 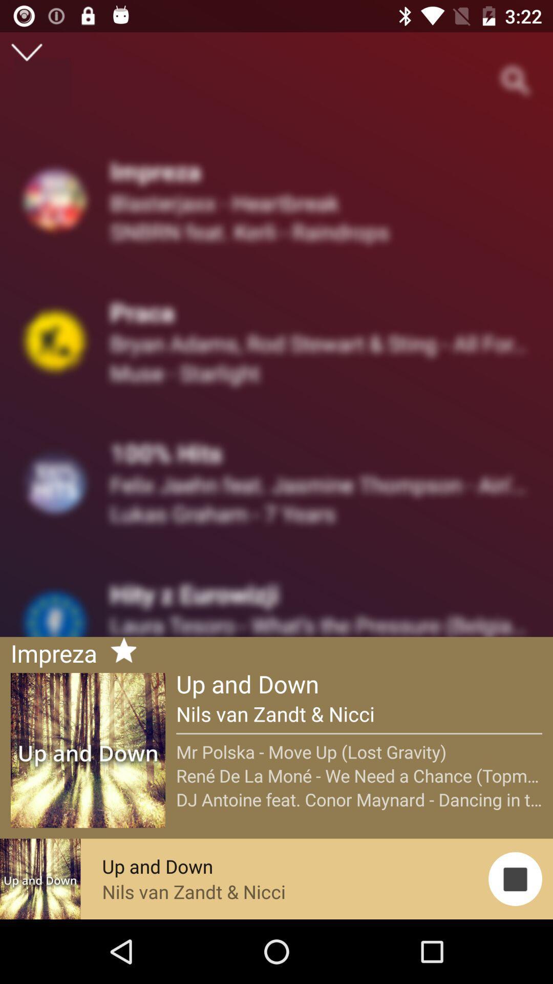 What do you see at coordinates (119, 651) in the screenshot?
I see `icon to the left of the up and down item` at bounding box center [119, 651].